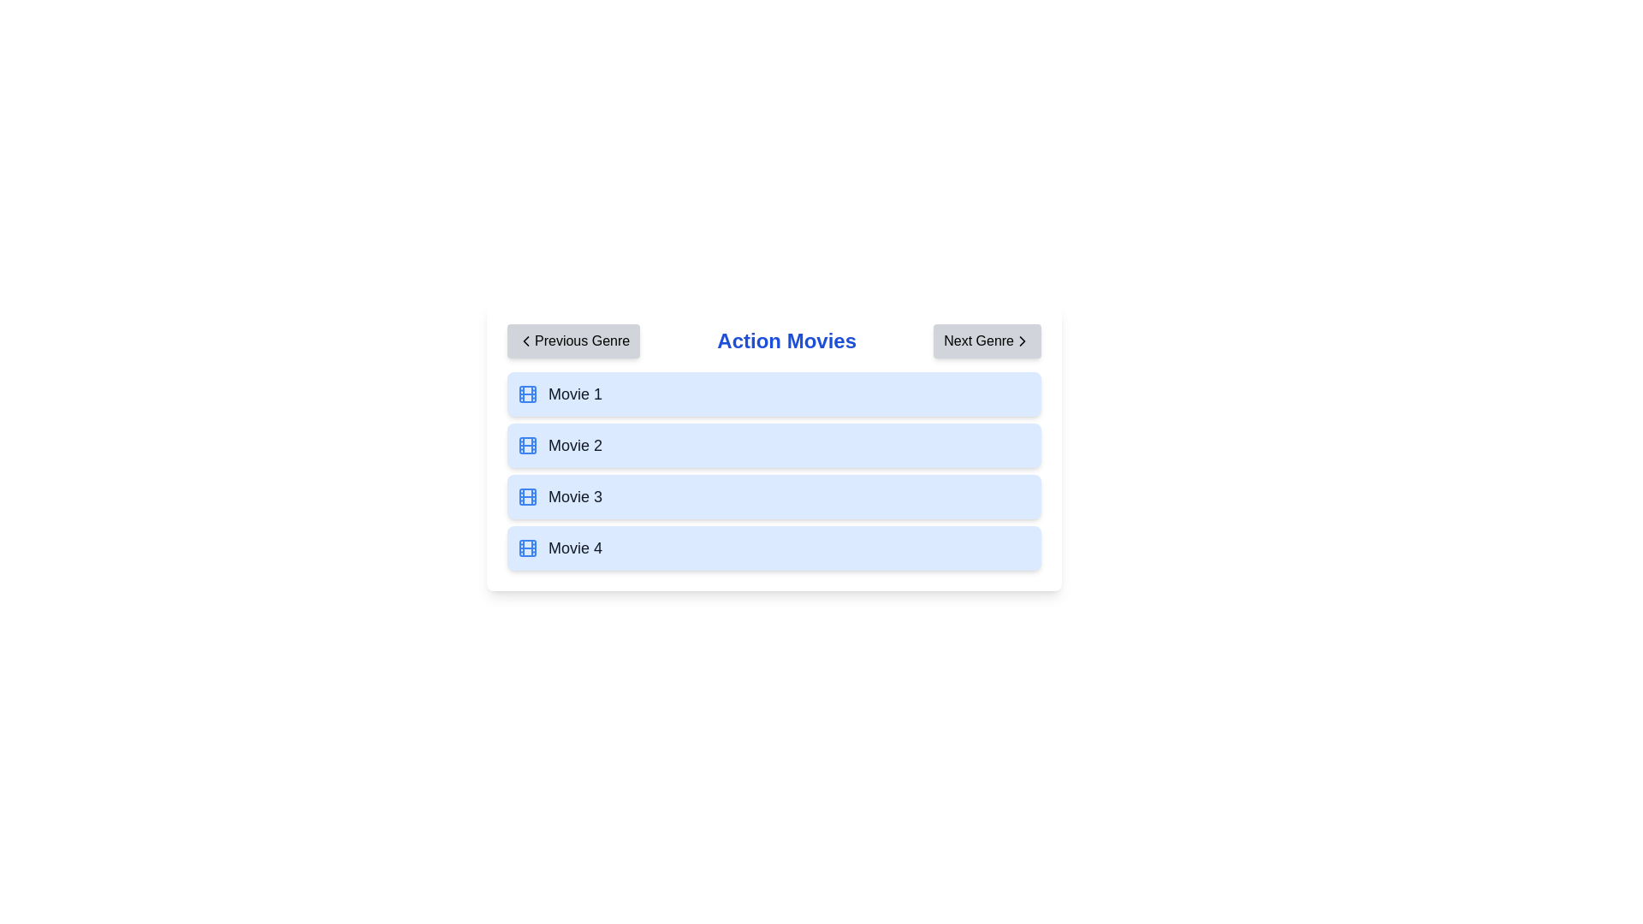 The image size is (1643, 924). Describe the element at coordinates (1023, 341) in the screenshot. I see `the chevron icon within the 'Next Genre' button located on the top-right corner of the interface, next to the 'Action Movies' heading` at that location.